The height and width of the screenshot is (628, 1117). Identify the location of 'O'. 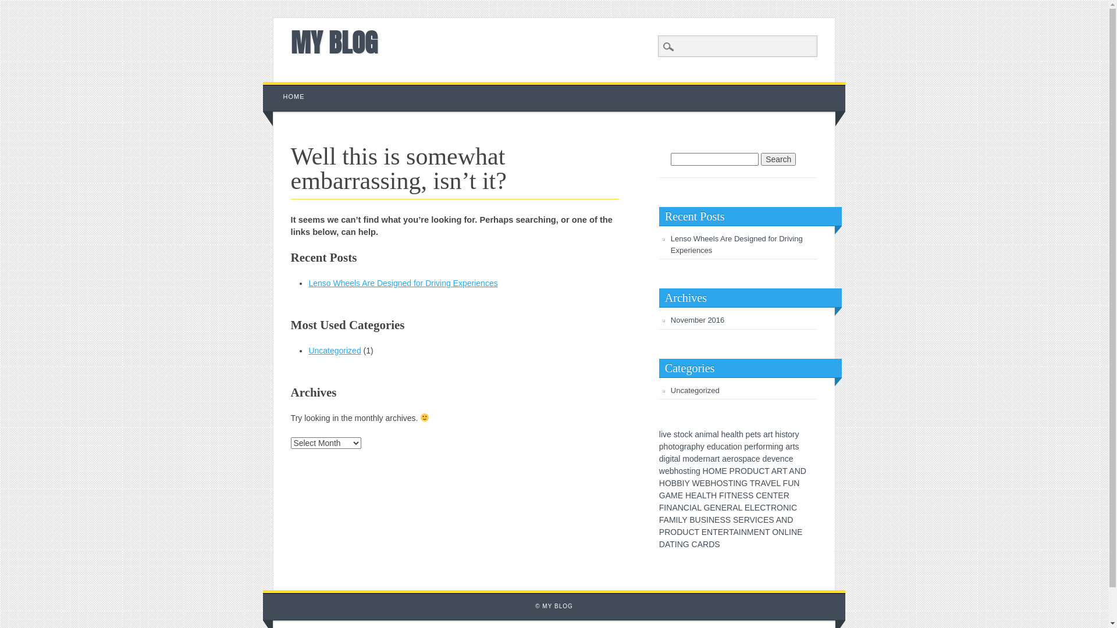
(673, 531).